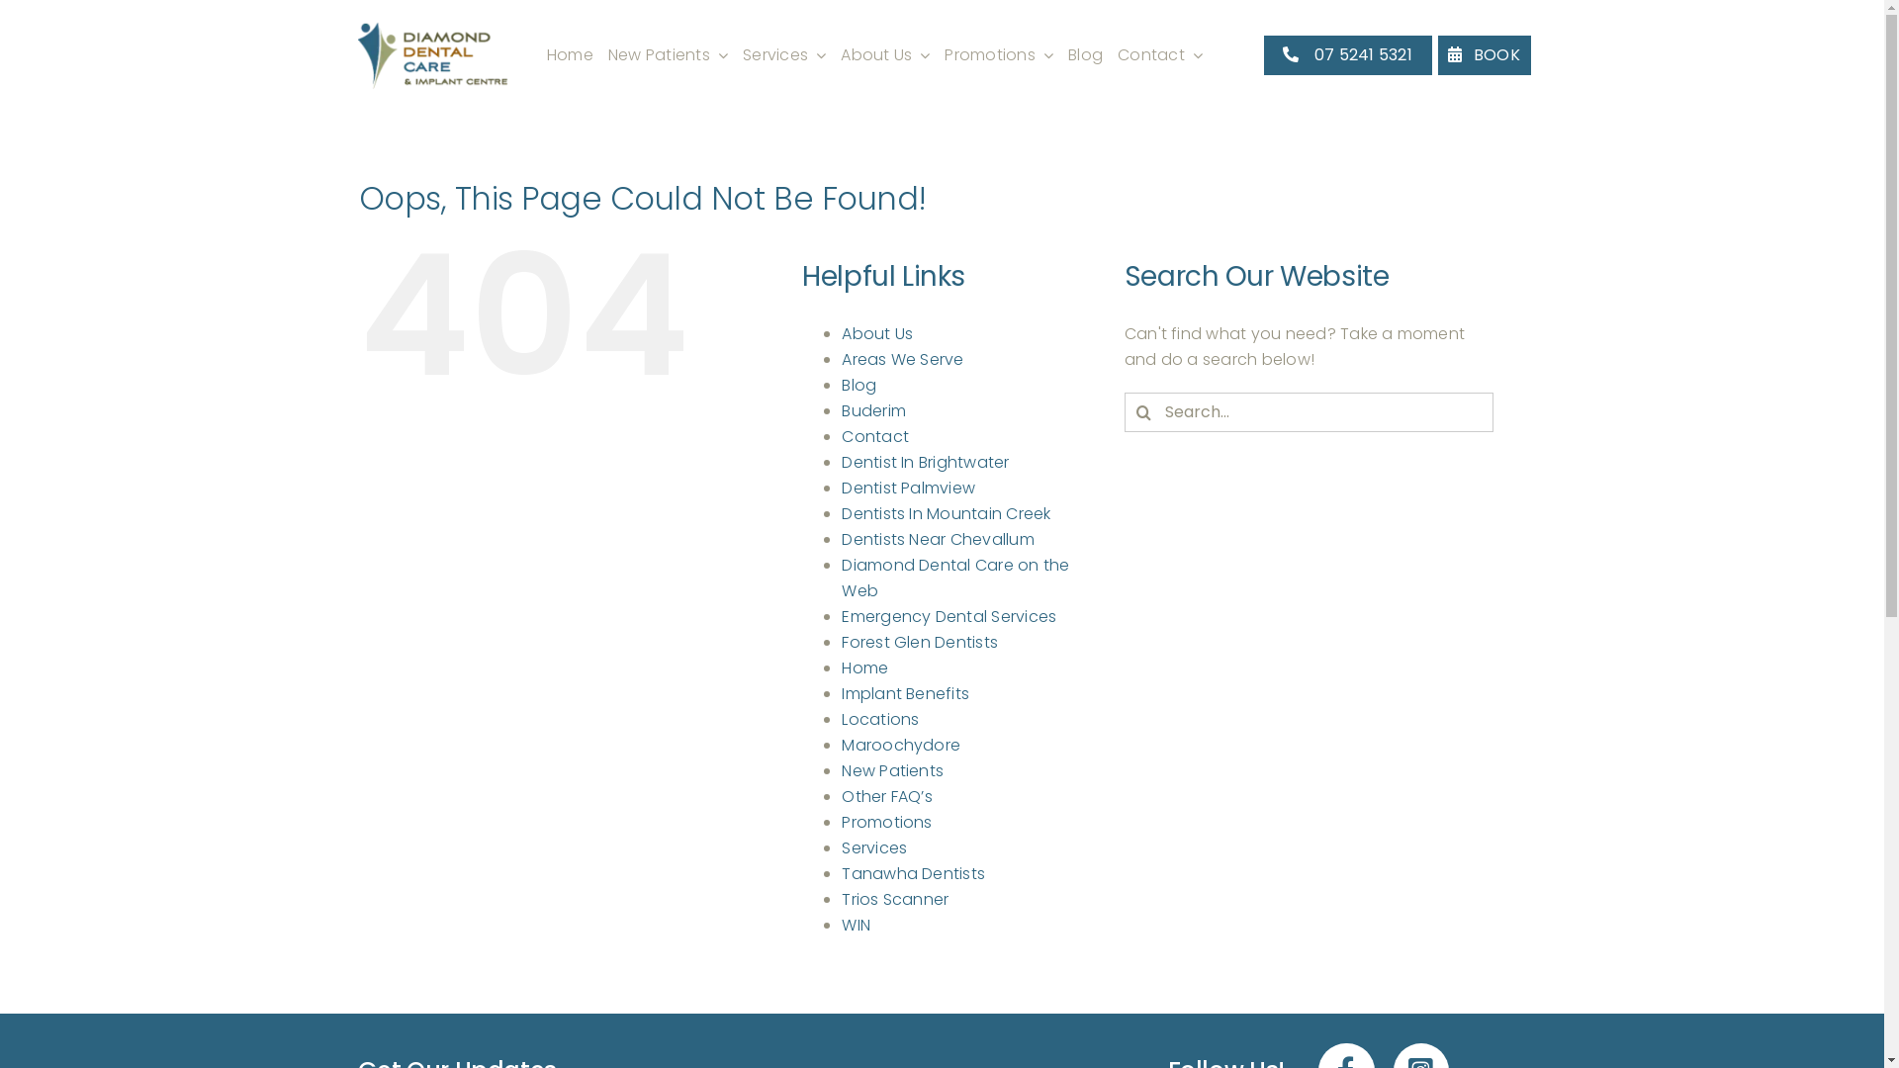 Image resolution: width=1899 pixels, height=1068 pixels. Describe the element at coordinates (954, 578) in the screenshot. I see `'Diamond Dental Care on the Web'` at that location.